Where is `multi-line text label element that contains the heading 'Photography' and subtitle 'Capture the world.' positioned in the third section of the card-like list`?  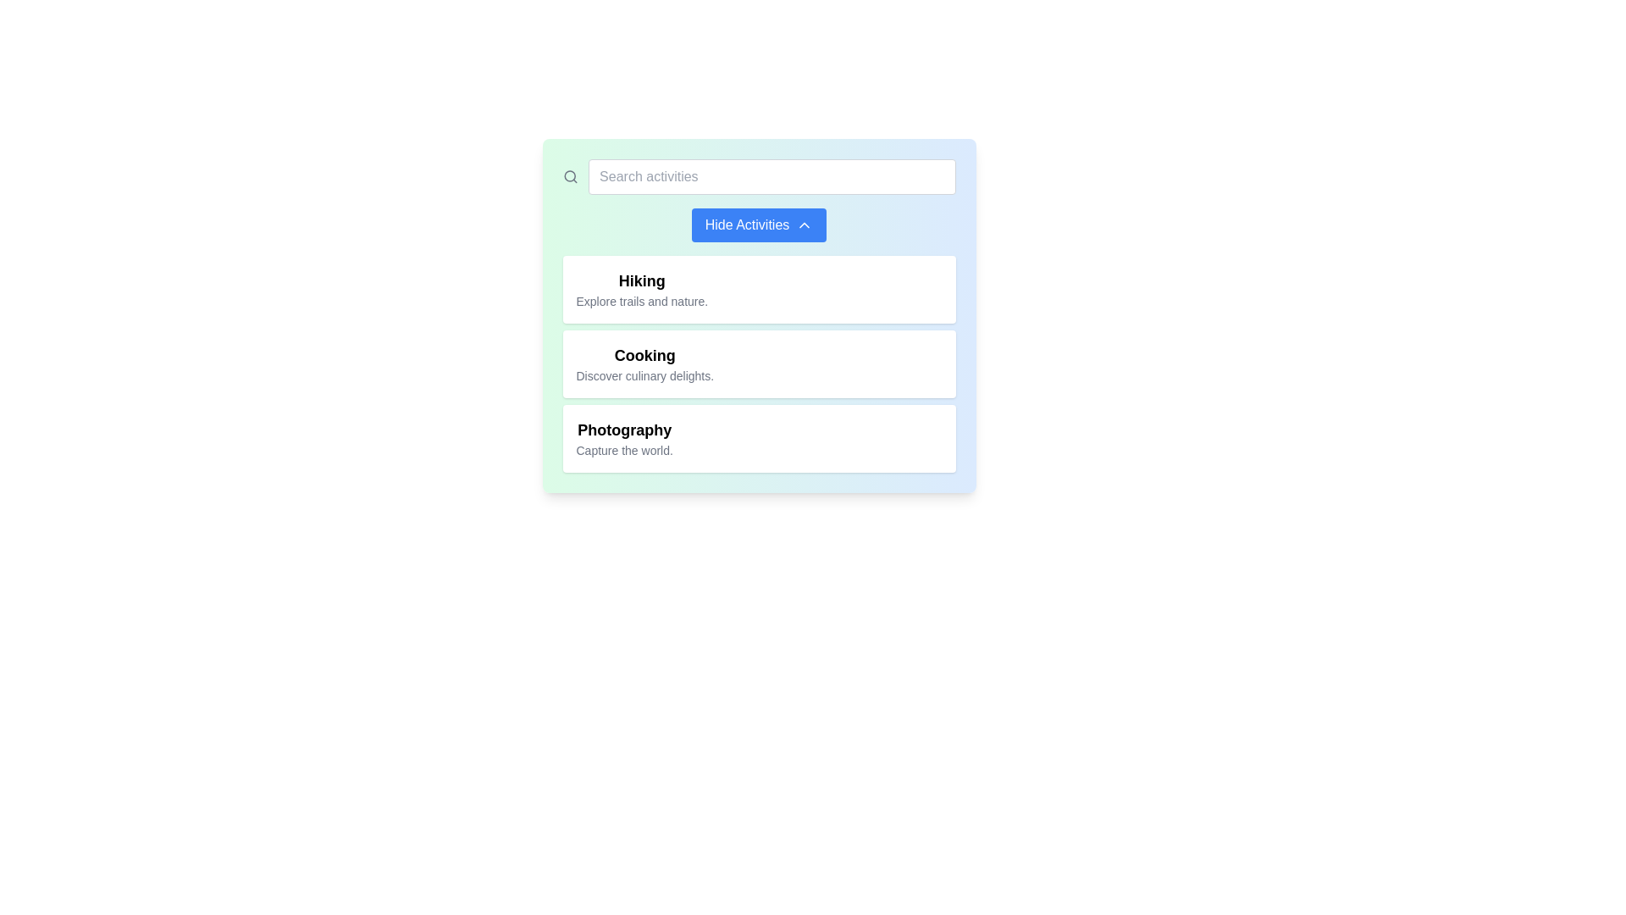
multi-line text label element that contains the heading 'Photography' and subtitle 'Capture the world.' positioned in the third section of the card-like list is located at coordinates (623, 437).